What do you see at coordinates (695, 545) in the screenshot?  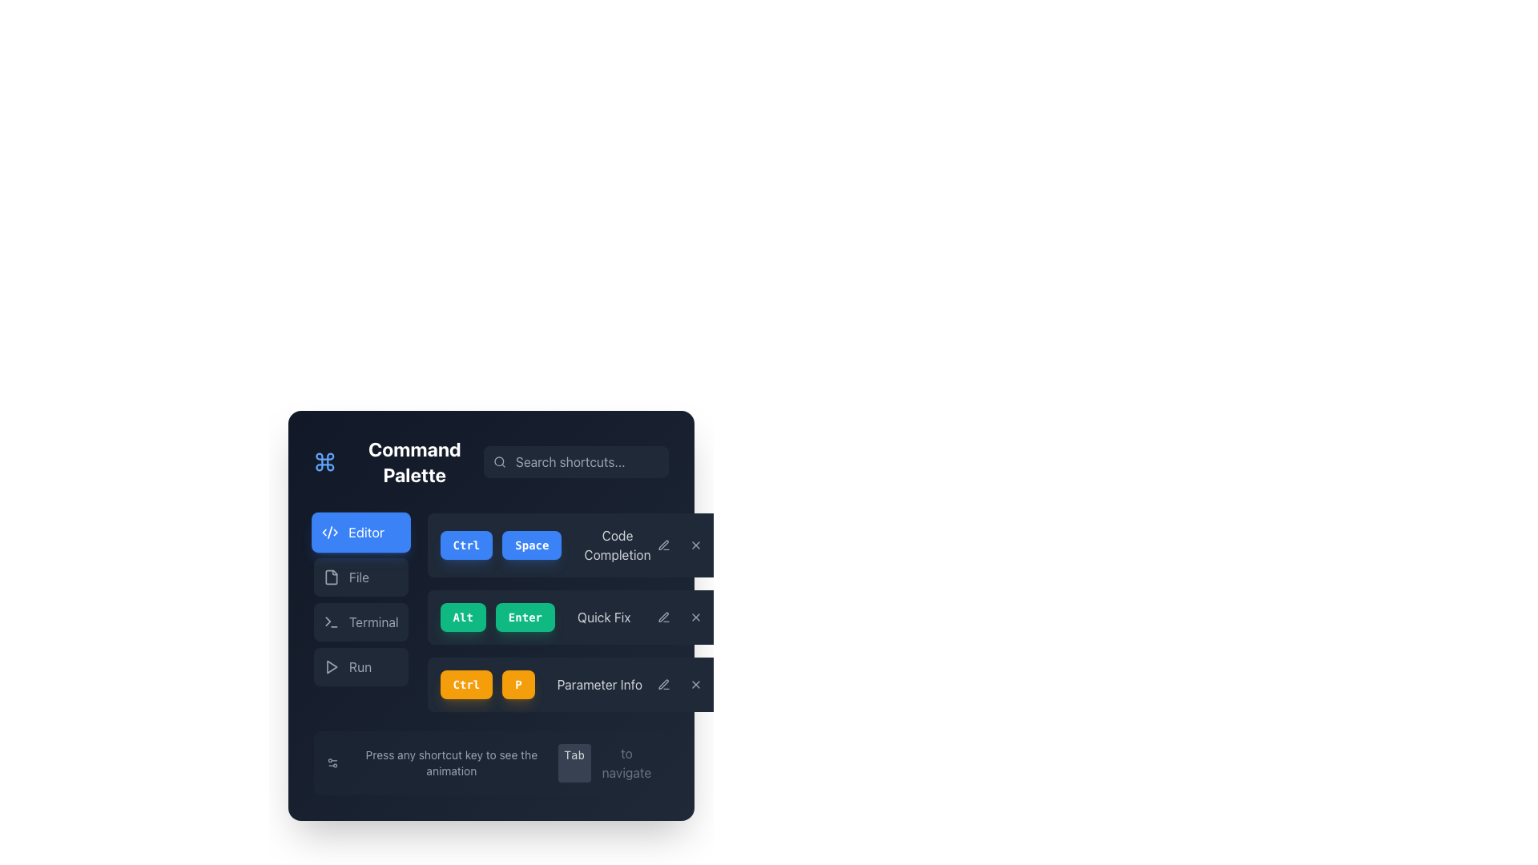 I see `the small 'X' shaped button, which is gray by default and turns red when hovered, located on the rightmost side of the command palette next to the 'Code Completion' label` at bounding box center [695, 545].